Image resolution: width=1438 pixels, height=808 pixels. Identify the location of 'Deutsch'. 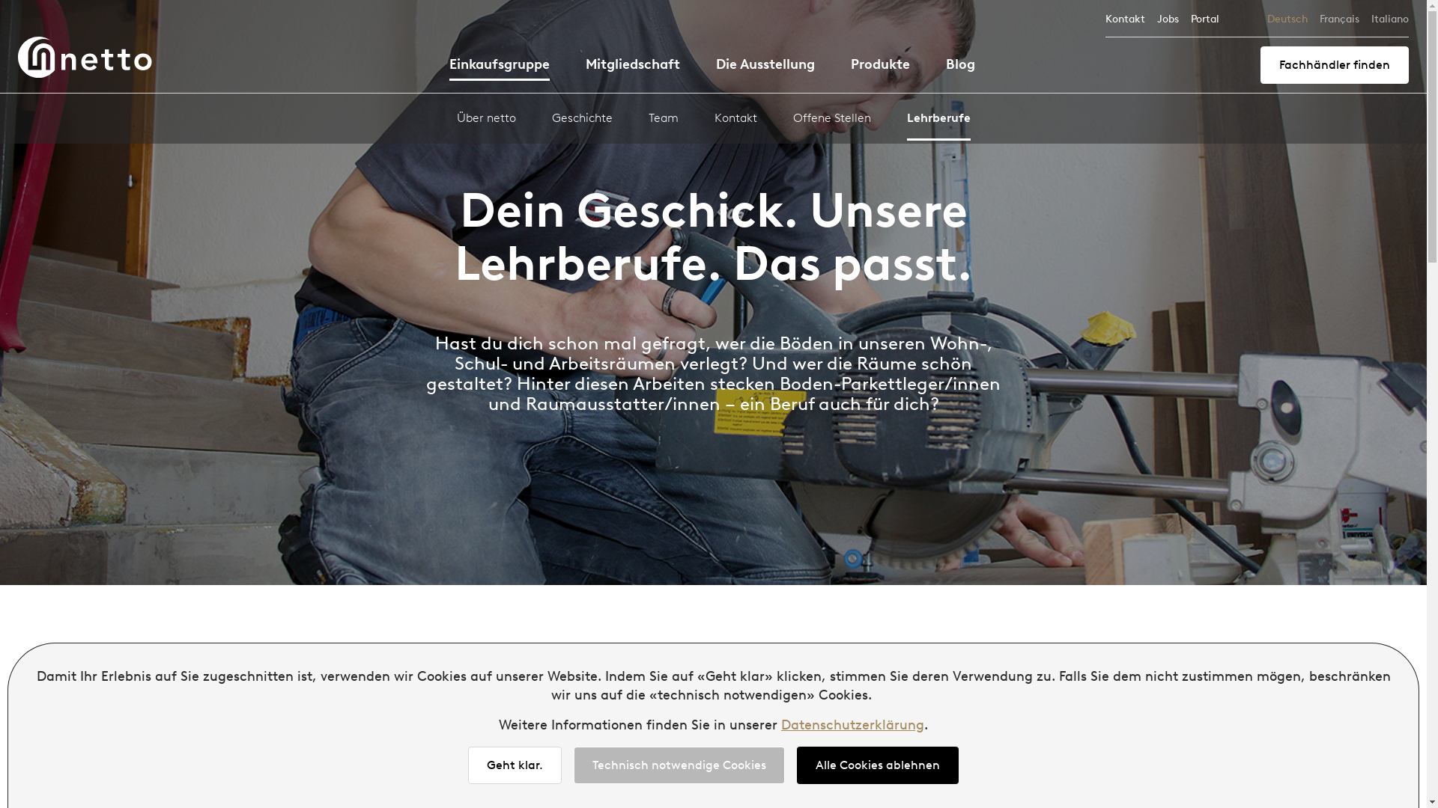
(1266, 19).